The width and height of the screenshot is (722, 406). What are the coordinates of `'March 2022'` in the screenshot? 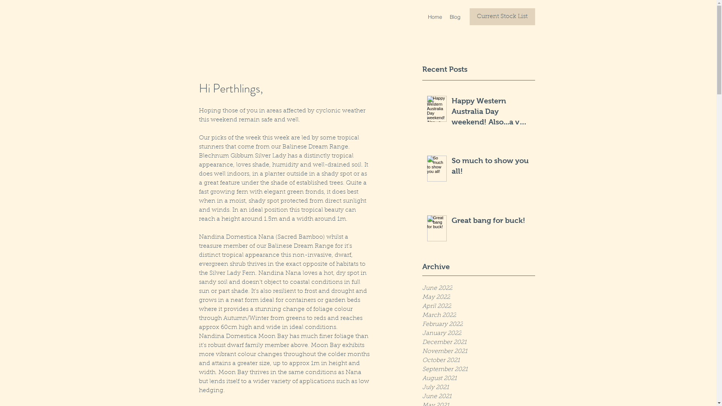 It's located at (478, 315).